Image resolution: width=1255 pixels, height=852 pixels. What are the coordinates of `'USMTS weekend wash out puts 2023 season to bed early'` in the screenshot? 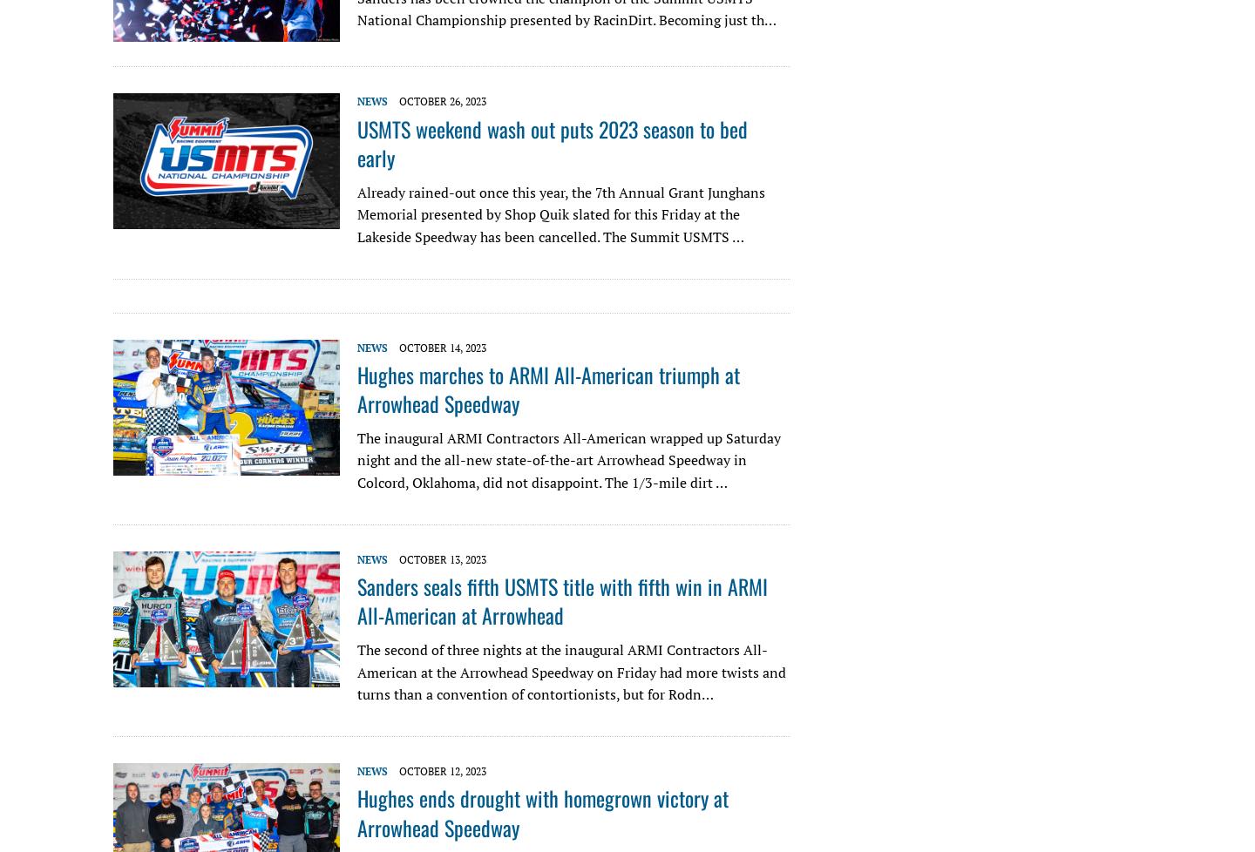 It's located at (552, 143).